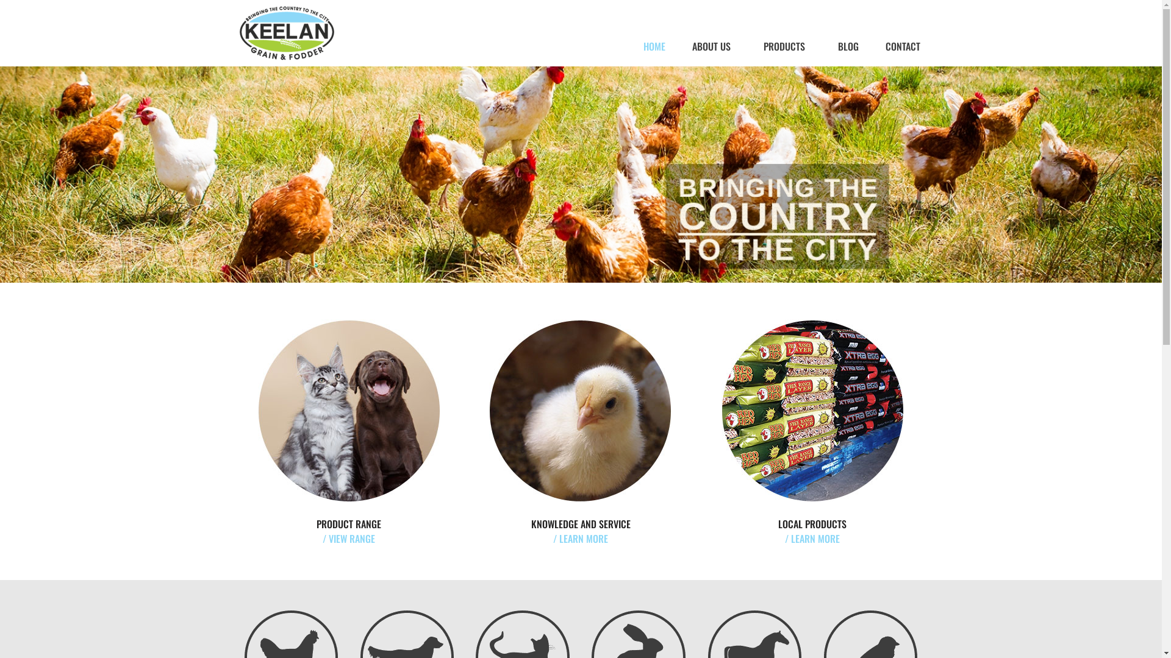 This screenshot has height=658, width=1171. I want to click on 'BLOG', so click(848, 46).